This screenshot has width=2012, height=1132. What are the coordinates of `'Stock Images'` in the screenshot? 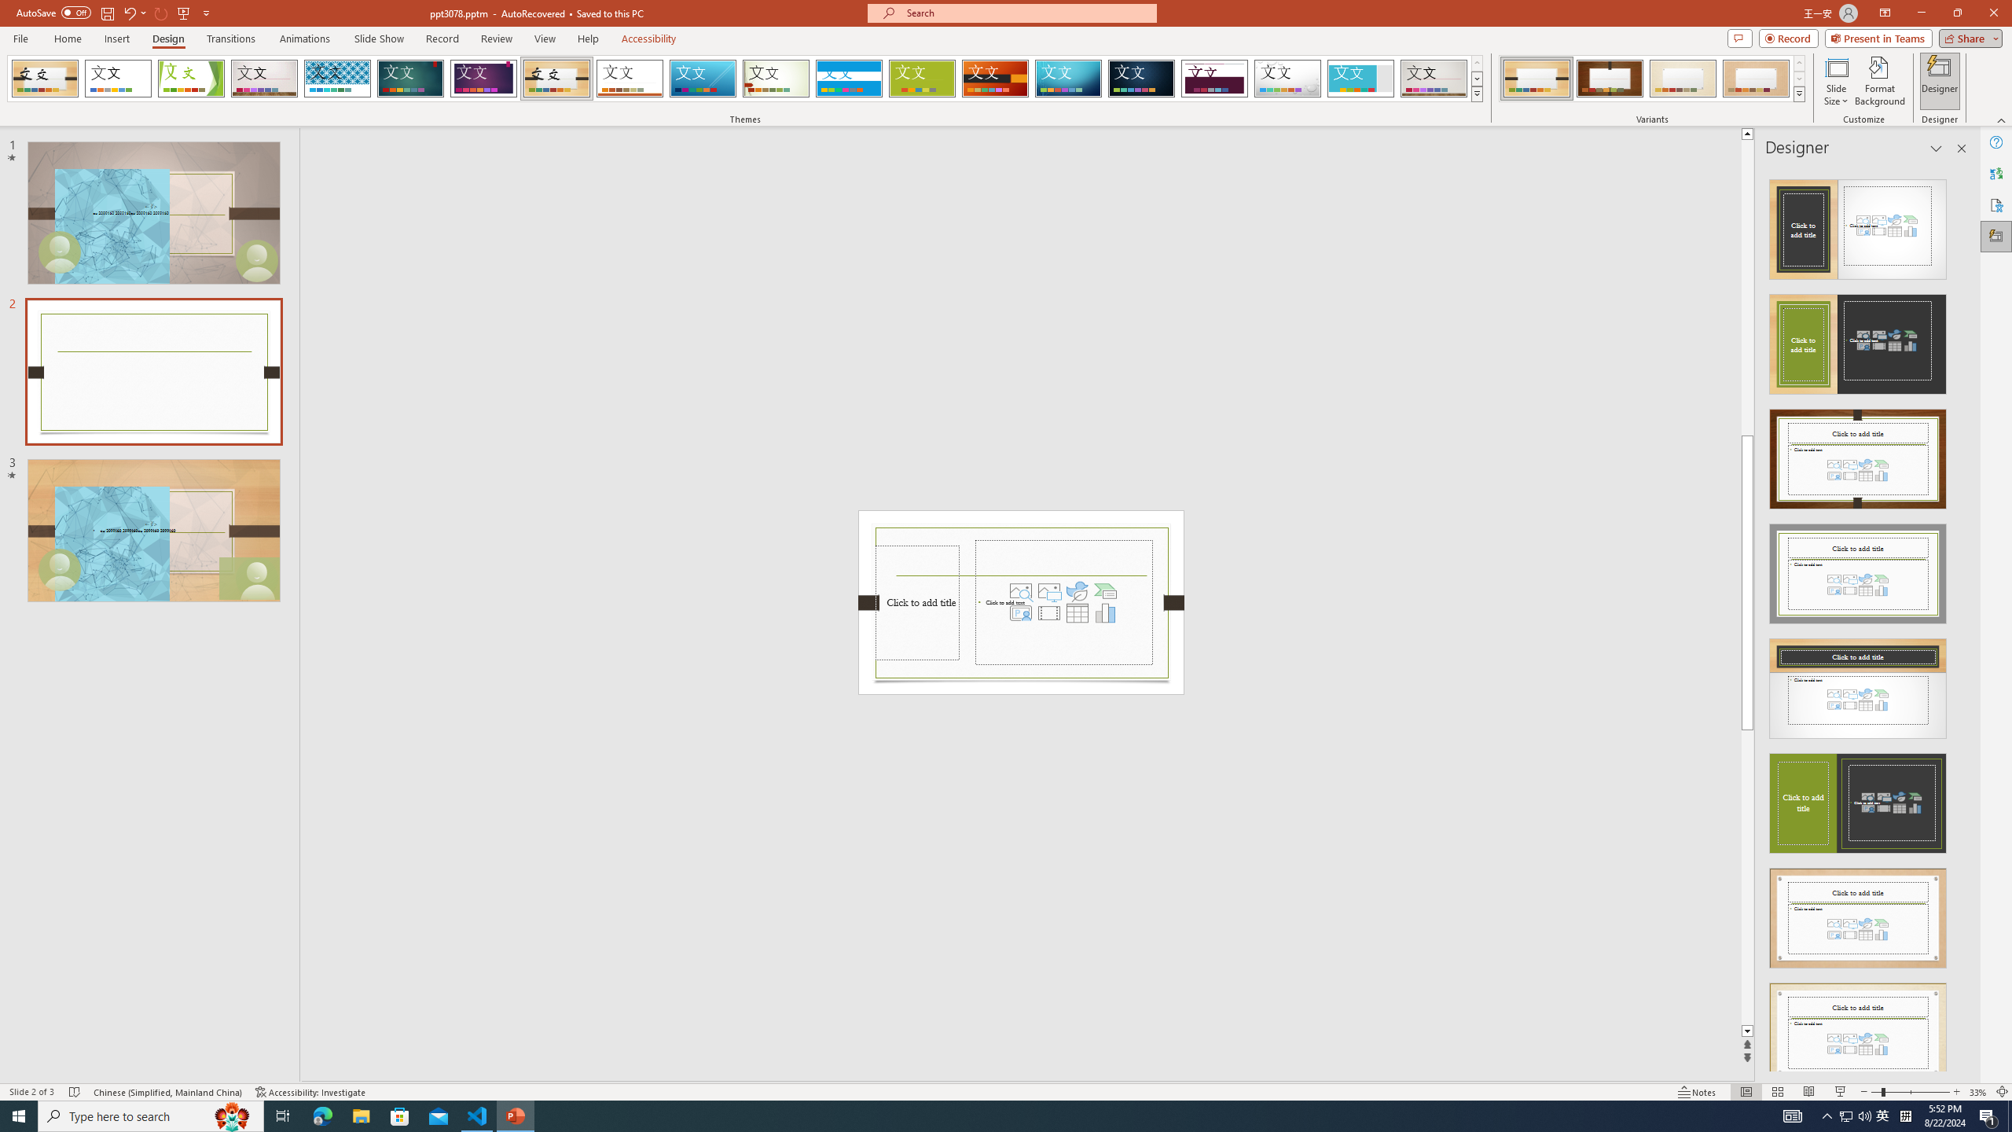 It's located at (1021, 590).